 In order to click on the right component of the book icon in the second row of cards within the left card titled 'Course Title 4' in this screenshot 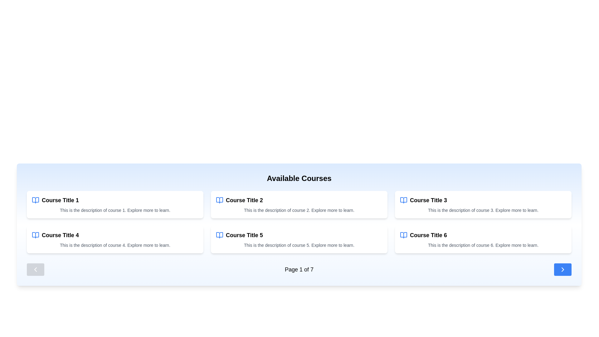, I will do `click(35, 235)`.